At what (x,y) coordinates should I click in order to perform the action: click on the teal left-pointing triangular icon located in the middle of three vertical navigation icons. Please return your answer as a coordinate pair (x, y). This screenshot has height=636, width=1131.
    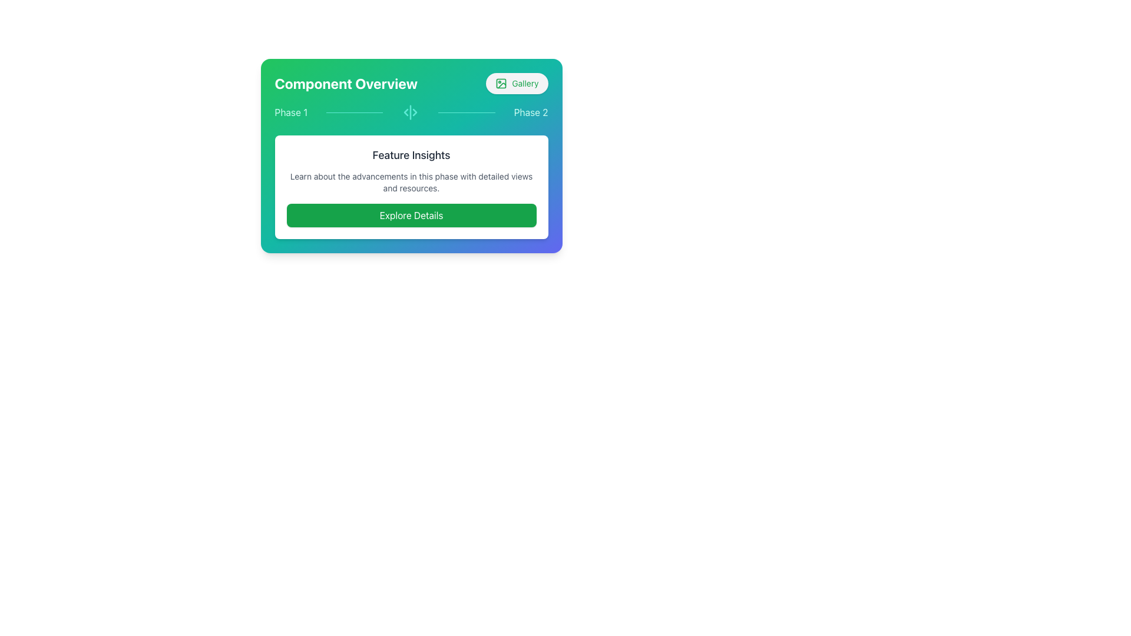
    Looking at the image, I should click on (406, 112).